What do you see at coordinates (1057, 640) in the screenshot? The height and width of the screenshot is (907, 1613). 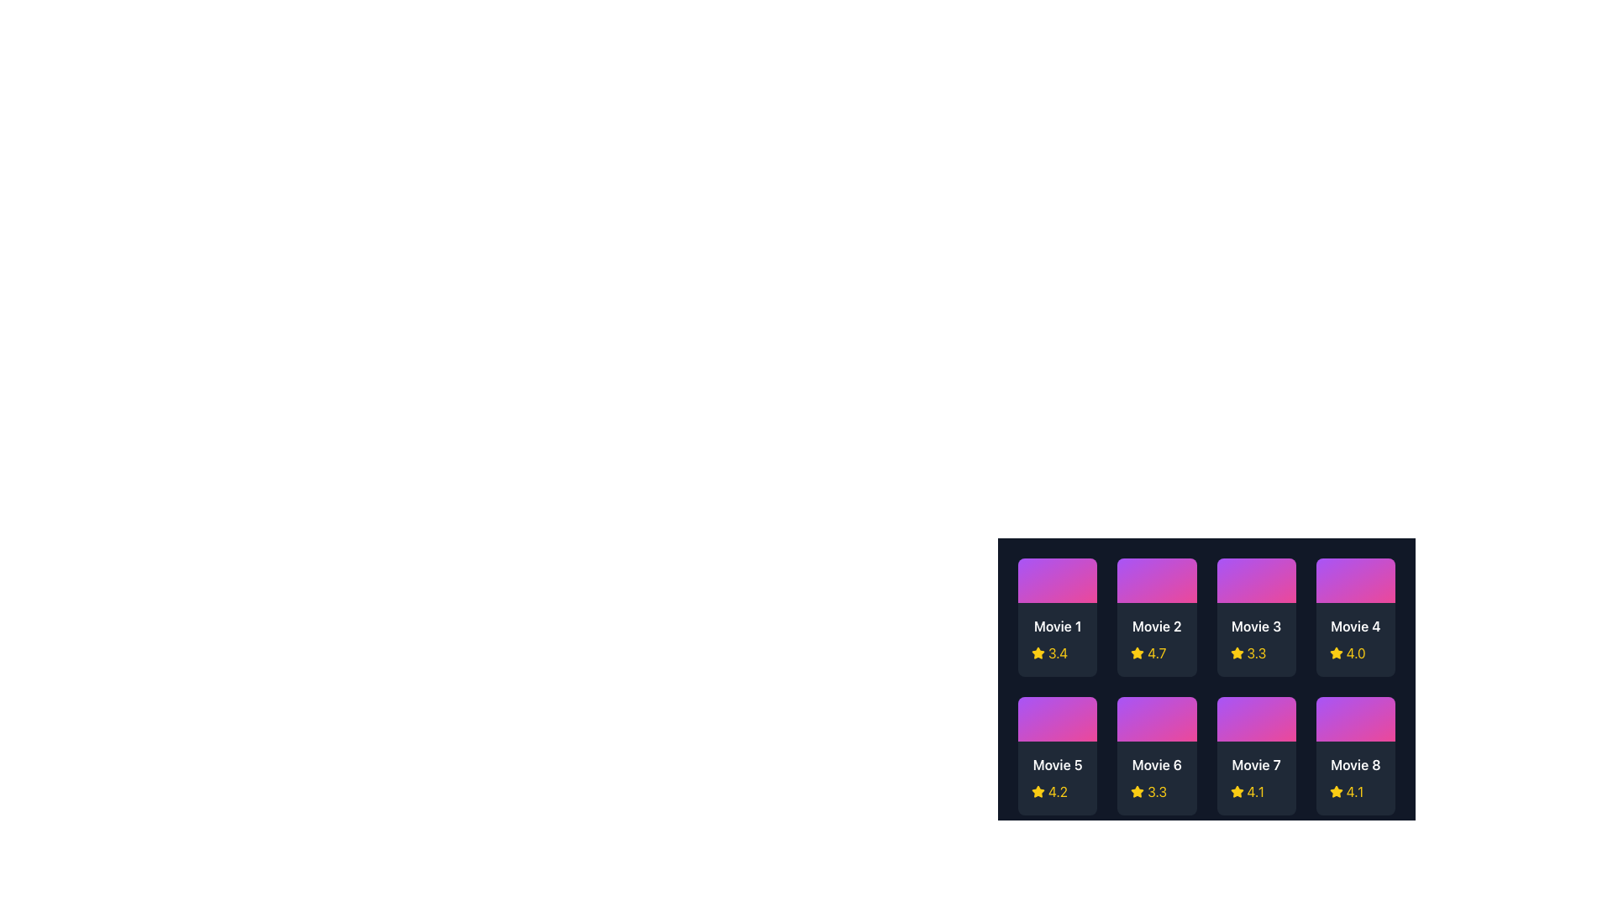 I see `the Information card displaying a movie's title and rating, located at the top-left corner of the grid` at bounding box center [1057, 640].